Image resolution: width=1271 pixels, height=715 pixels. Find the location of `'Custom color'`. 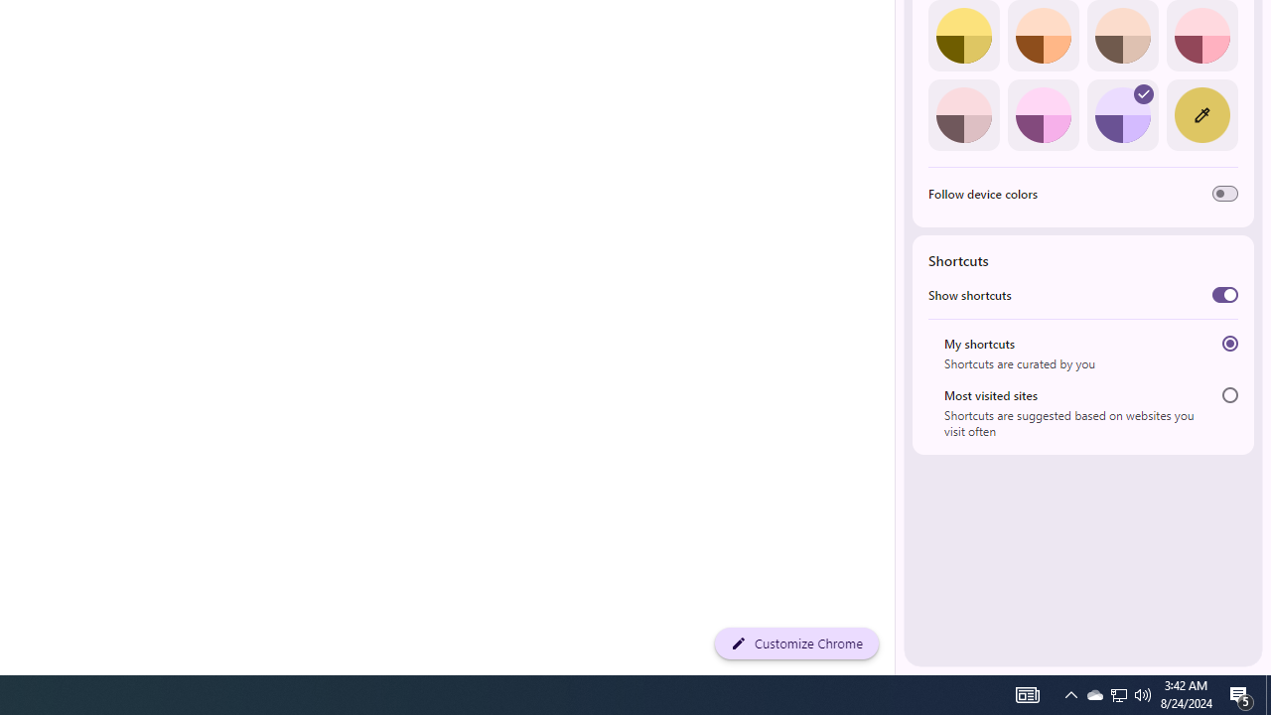

'Custom color' is located at coordinates (1200, 114).